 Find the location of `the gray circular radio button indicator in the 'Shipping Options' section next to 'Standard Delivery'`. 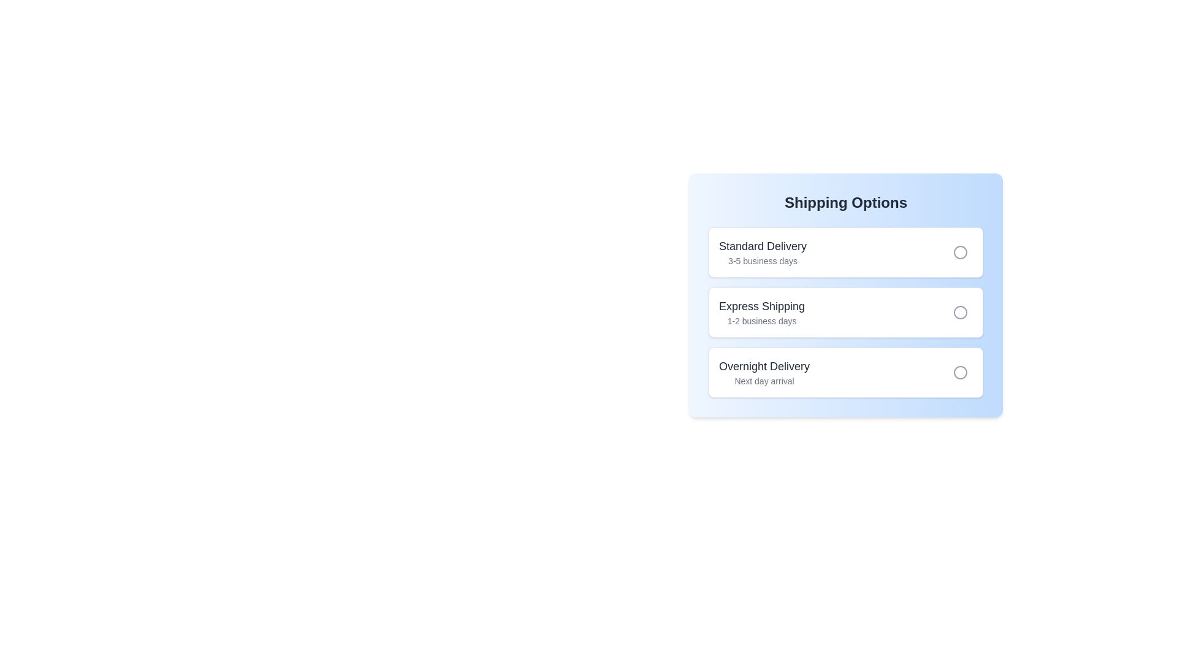

the gray circular radio button indicator in the 'Shipping Options' section next to 'Standard Delivery' is located at coordinates (959, 252).